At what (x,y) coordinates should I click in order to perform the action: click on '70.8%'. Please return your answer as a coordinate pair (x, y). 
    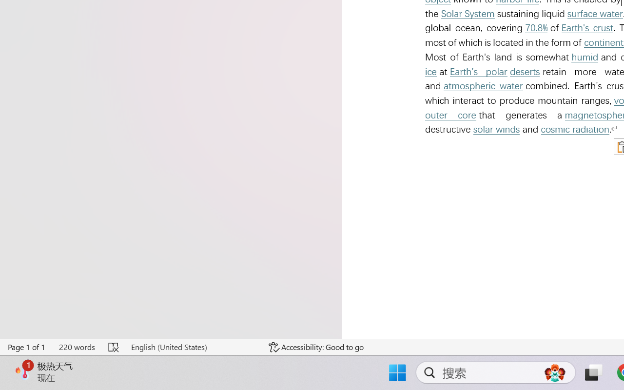
    Looking at the image, I should click on (535, 27).